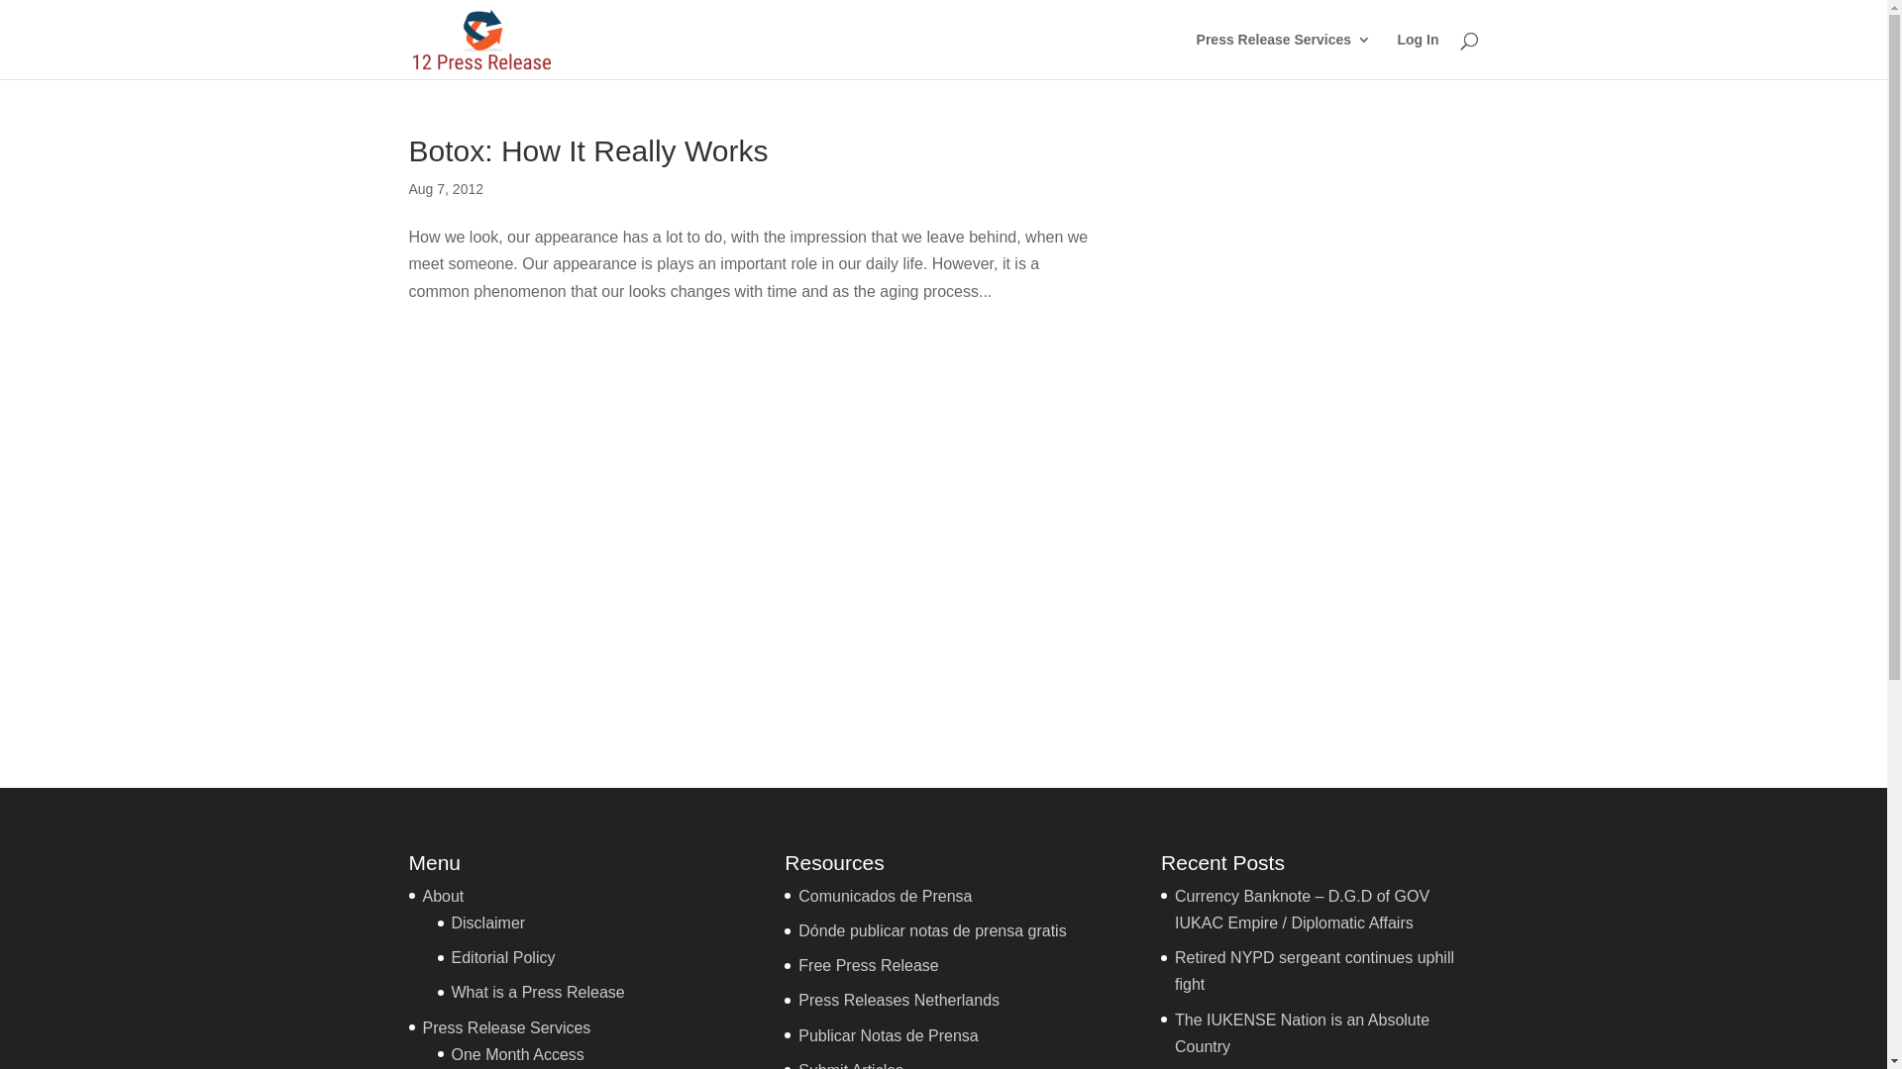 This screenshot has height=1069, width=1902. What do you see at coordinates (441, 896) in the screenshot?
I see `'About'` at bounding box center [441, 896].